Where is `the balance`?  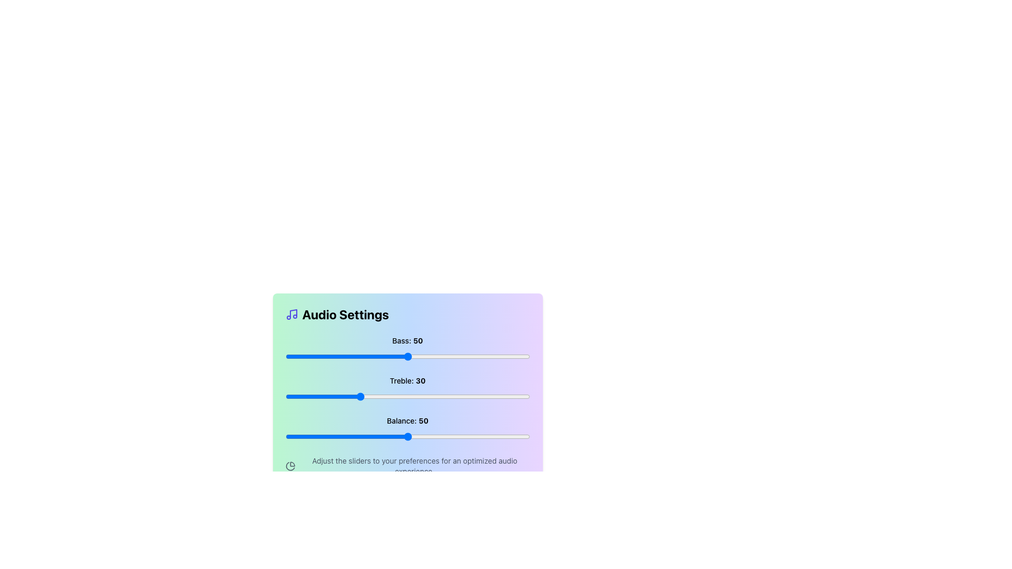 the balance is located at coordinates (444, 437).